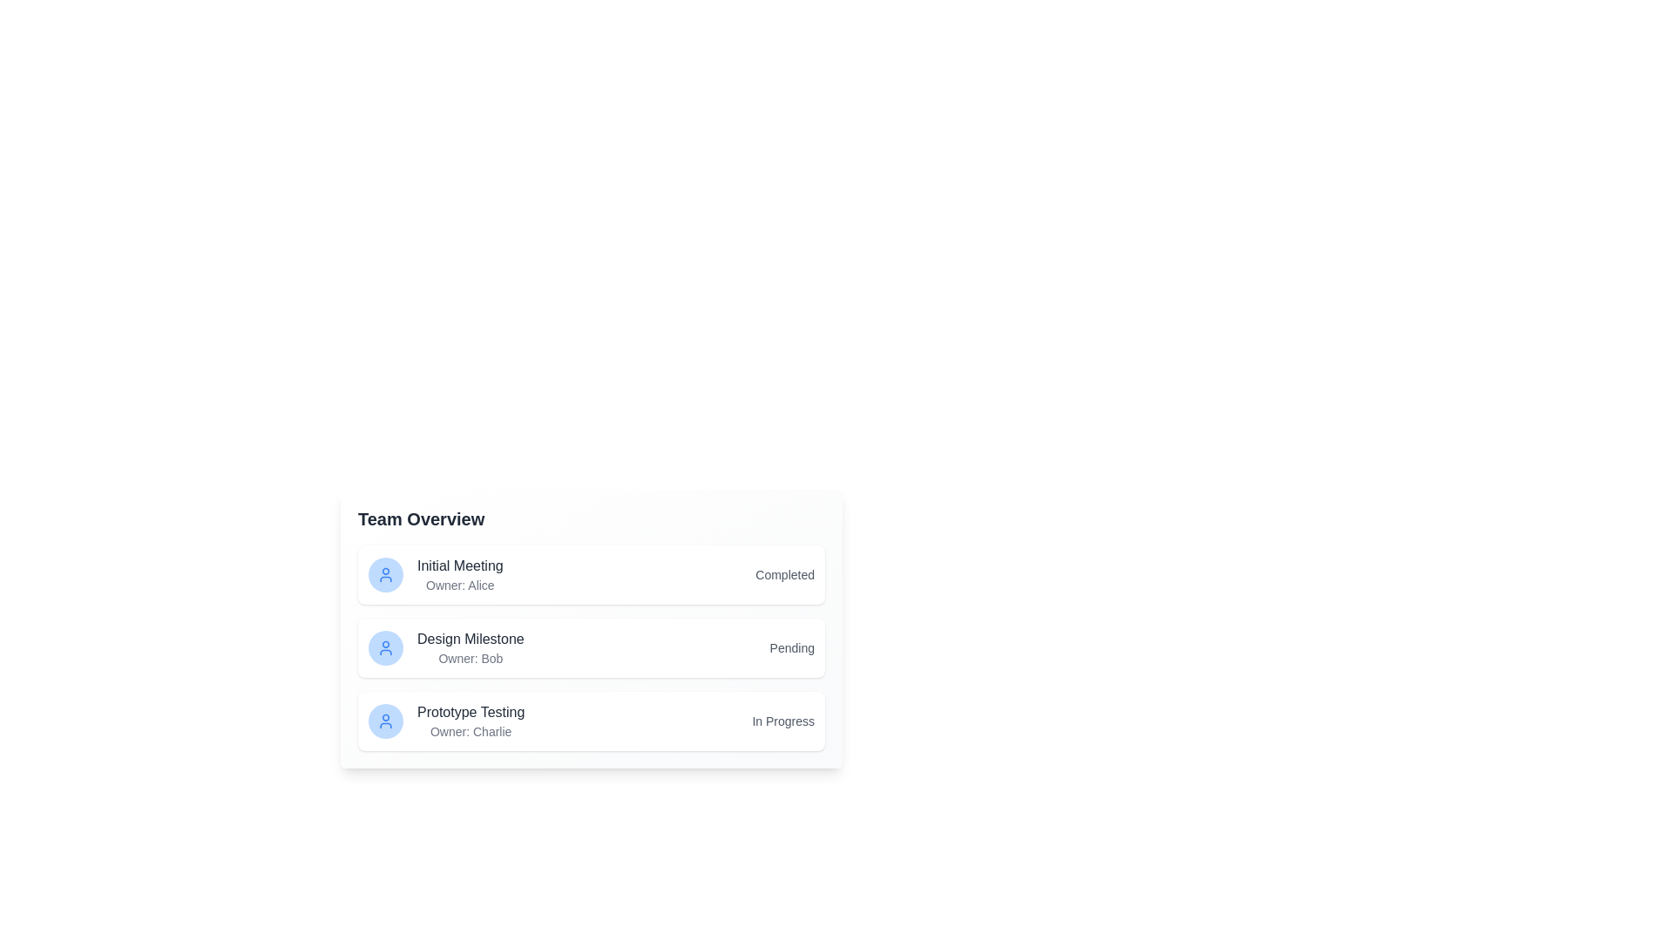 This screenshot has height=941, width=1673. Describe the element at coordinates (782, 721) in the screenshot. I see `the status label indicating 'In Progress' on the card labeled 'Prototype Testing Owner: Charlie'` at that location.